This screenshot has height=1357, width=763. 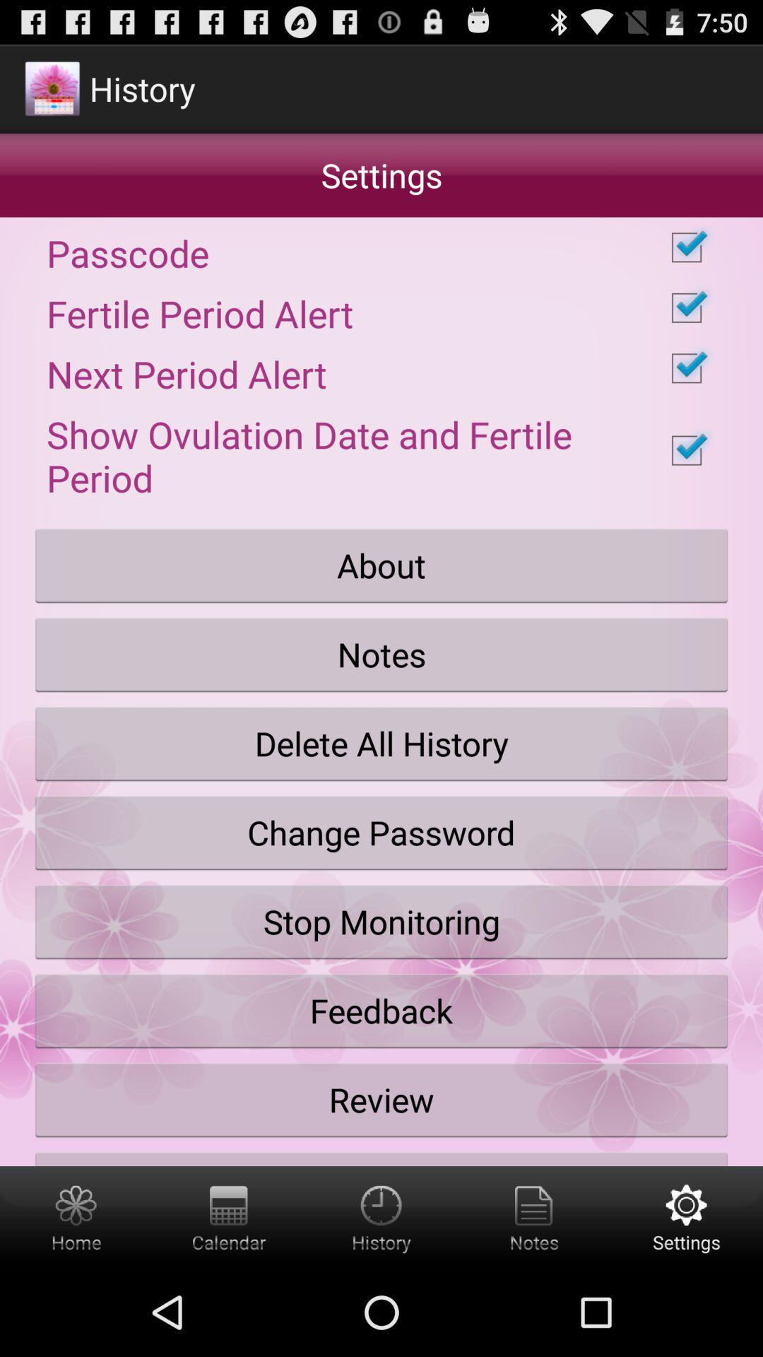 What do you see at coordinates (686, 1216) in the screenshot?
I see `settings button` at bounding box center [686, 1216].